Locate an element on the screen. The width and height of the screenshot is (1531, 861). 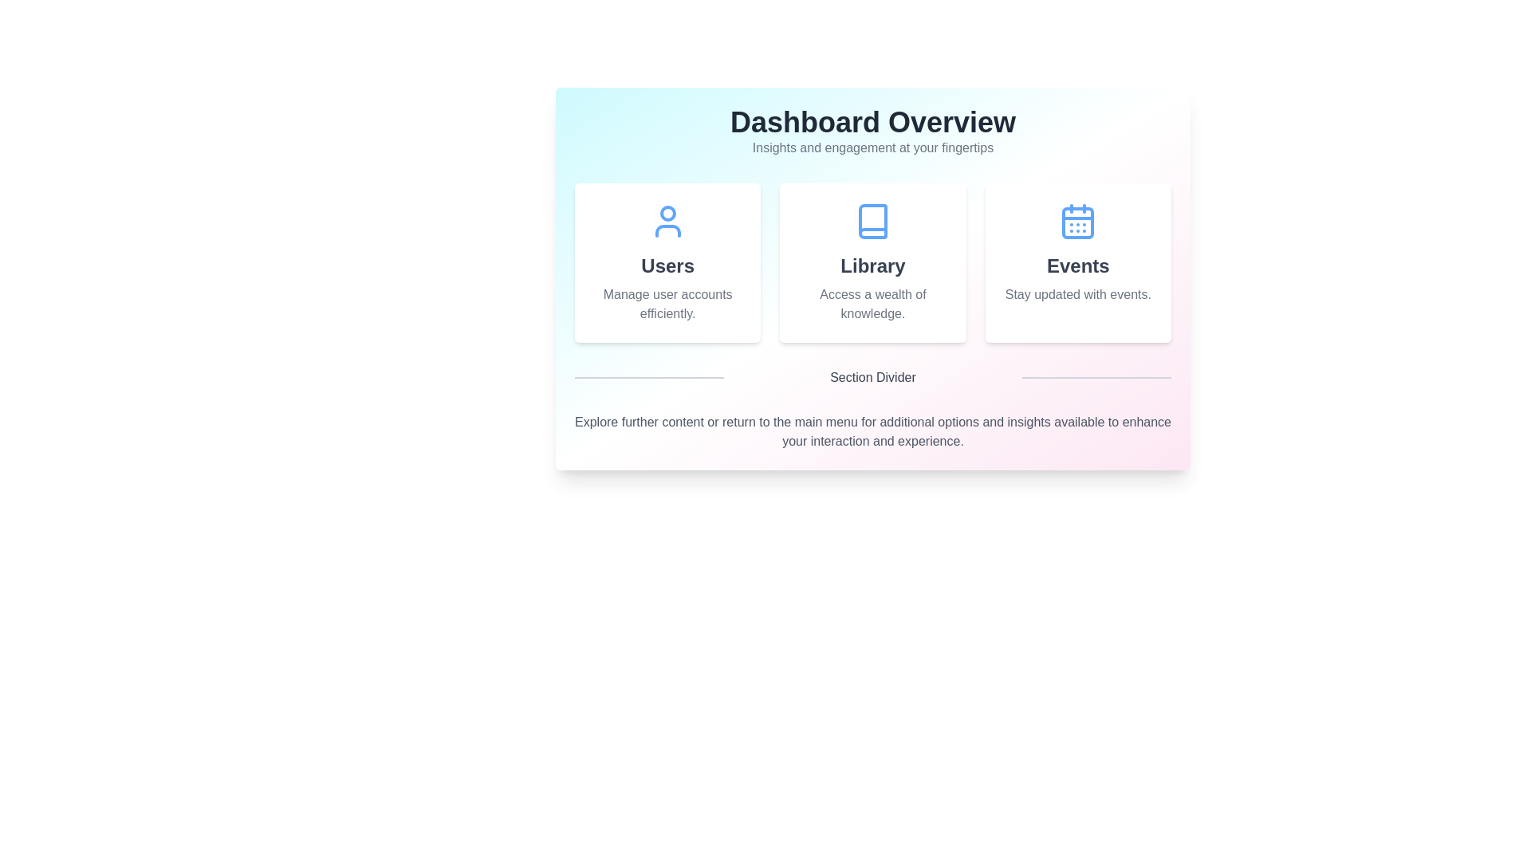
the rounded rectangle inside the calendar icon, which is the far-right icon in the row of three cards (Users, Library, Events) near the top of the interface is located at coordinates (1078, 223).